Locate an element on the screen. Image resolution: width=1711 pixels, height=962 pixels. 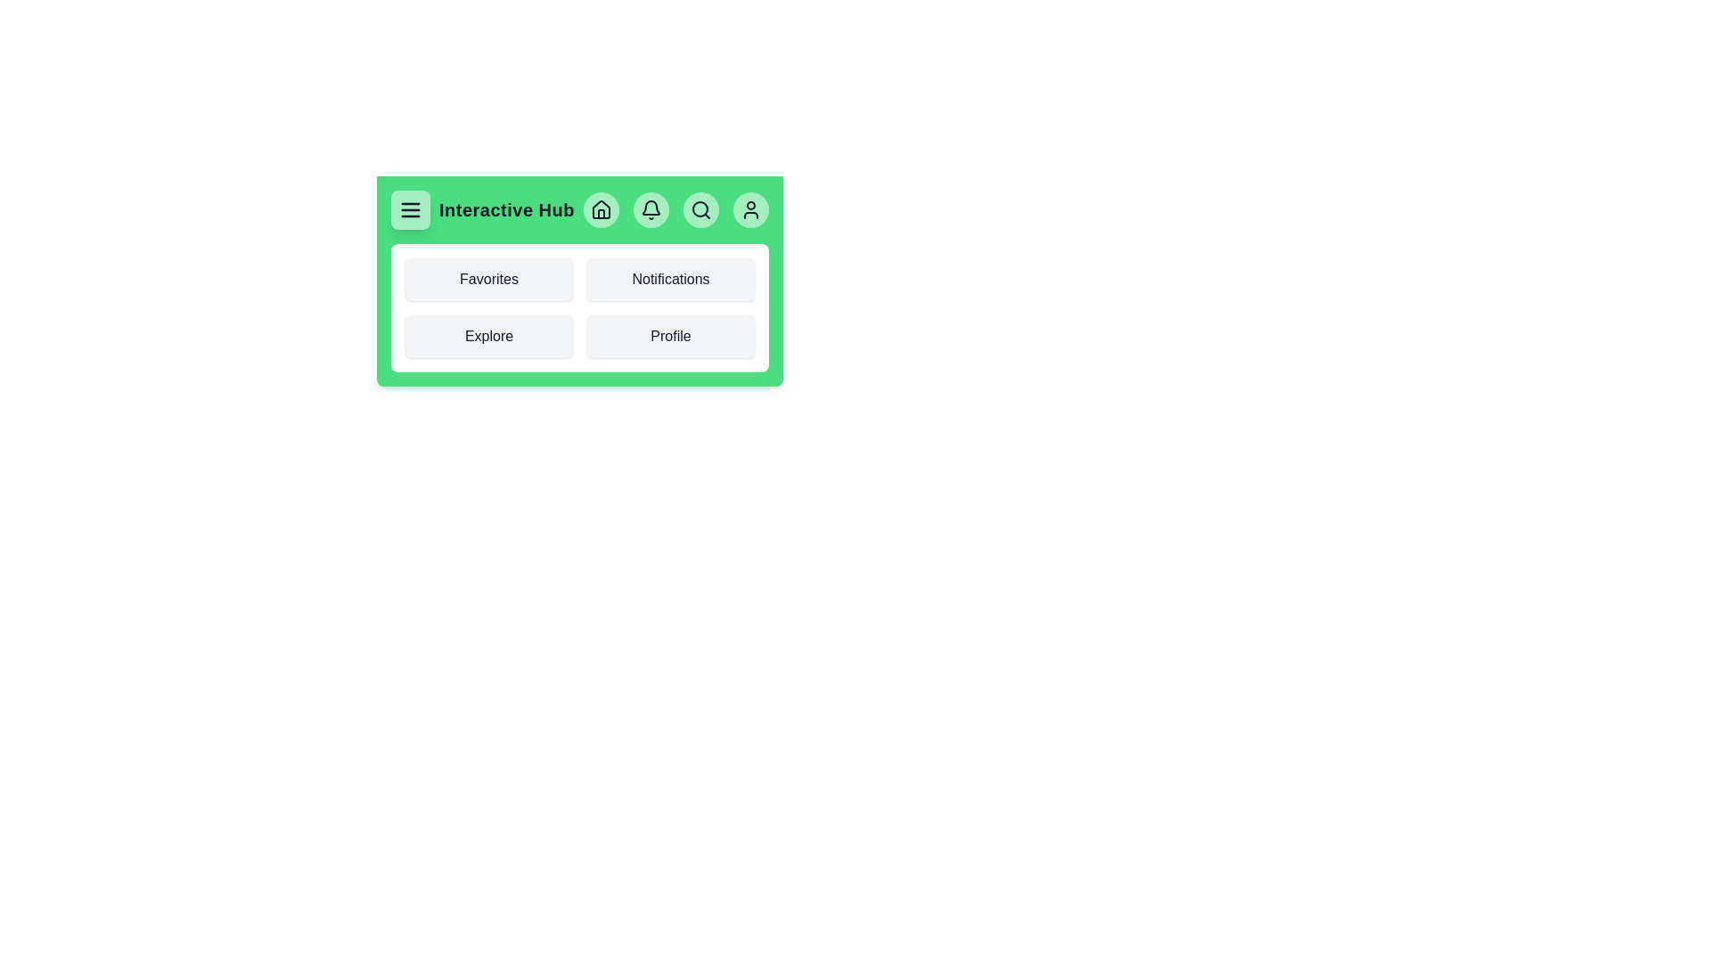
the interactive element Favorites Link is located at coordinates (488, 279).